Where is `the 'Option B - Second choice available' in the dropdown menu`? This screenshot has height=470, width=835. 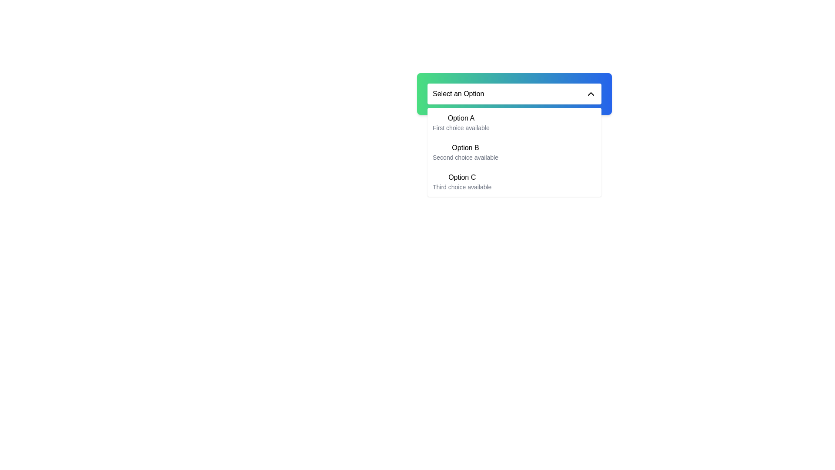
the 'Option B - Second choice available' in the dropdown menu is located at coordinates (514, 152).